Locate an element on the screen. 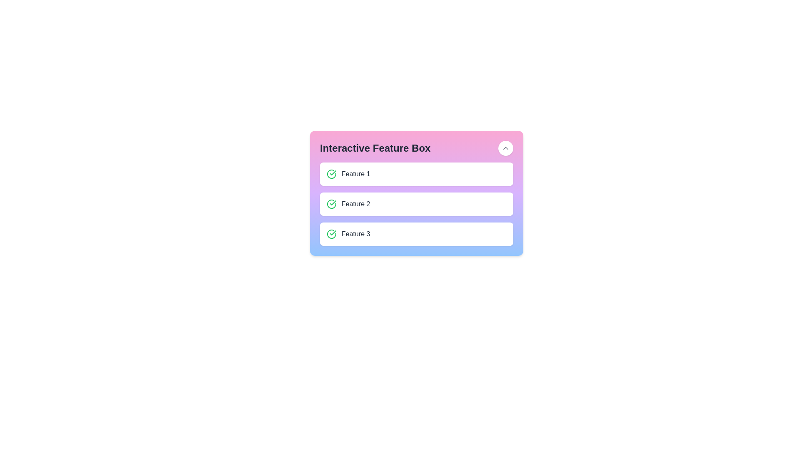  the non-interactive text label that indicates the title of the third feature in the 'Interactive Feature Box', located to the right of the green checkmark icon is located at coordinates (356, 234).